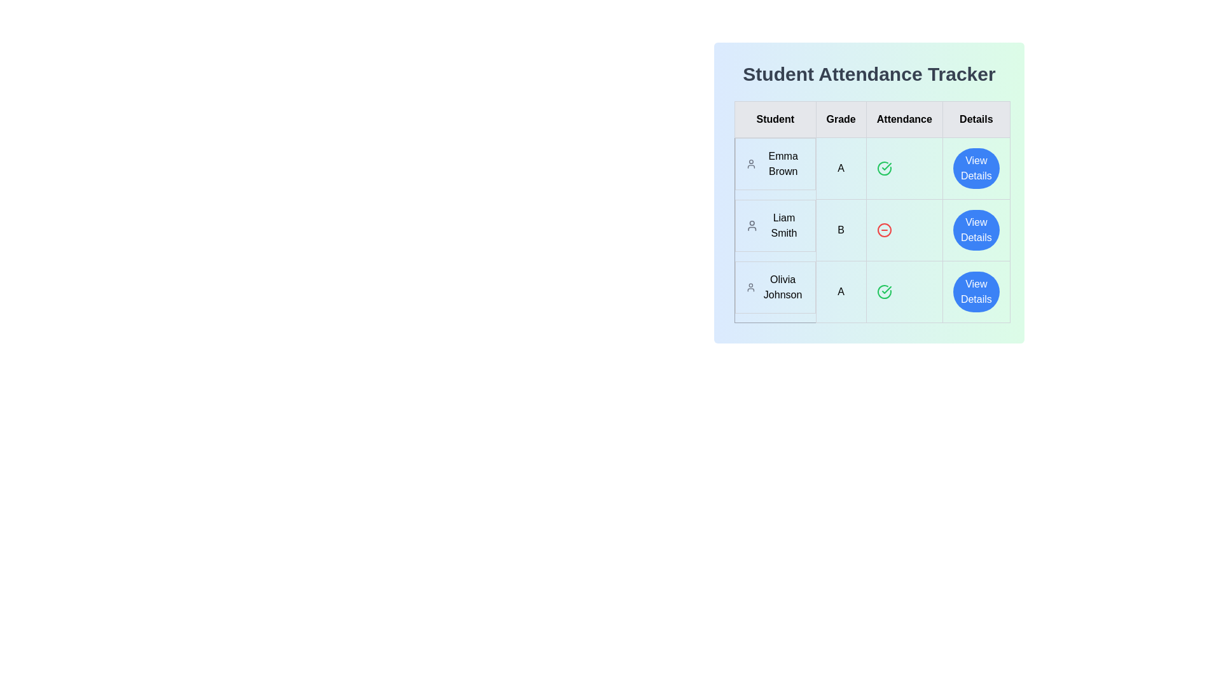  I want to click on the row corresponding to Liam Smith to highlight it, so click(871, 230).